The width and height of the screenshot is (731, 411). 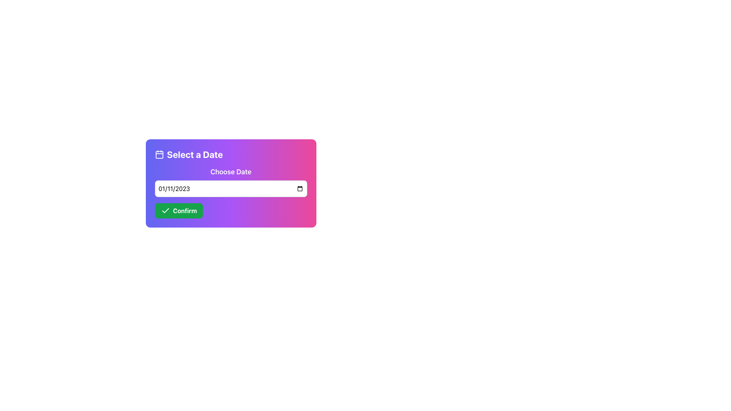 I want to click on the calendar icon in the header section titled 'Select a Date', which is styled with a blue background and white details, so click(x=159, y=154).